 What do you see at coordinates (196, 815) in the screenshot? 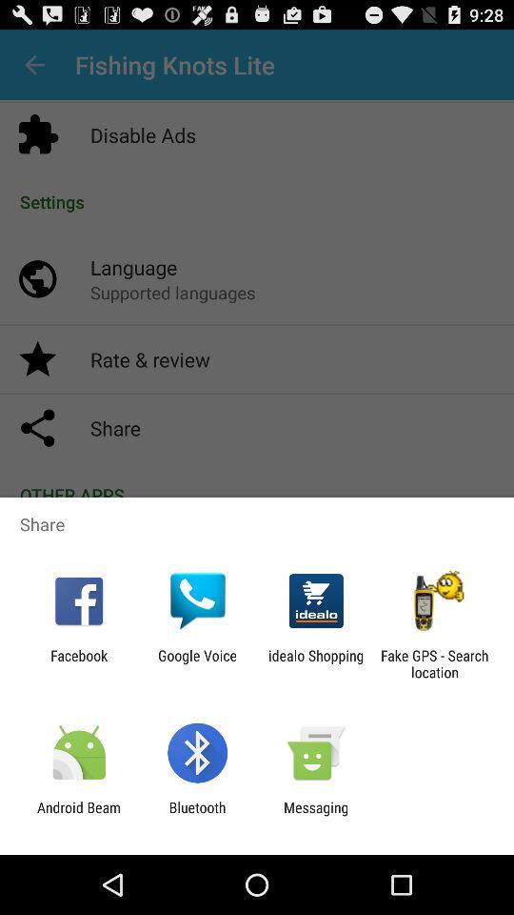
I see `the app next to the messaging icon` at bounding box center [196, 815].